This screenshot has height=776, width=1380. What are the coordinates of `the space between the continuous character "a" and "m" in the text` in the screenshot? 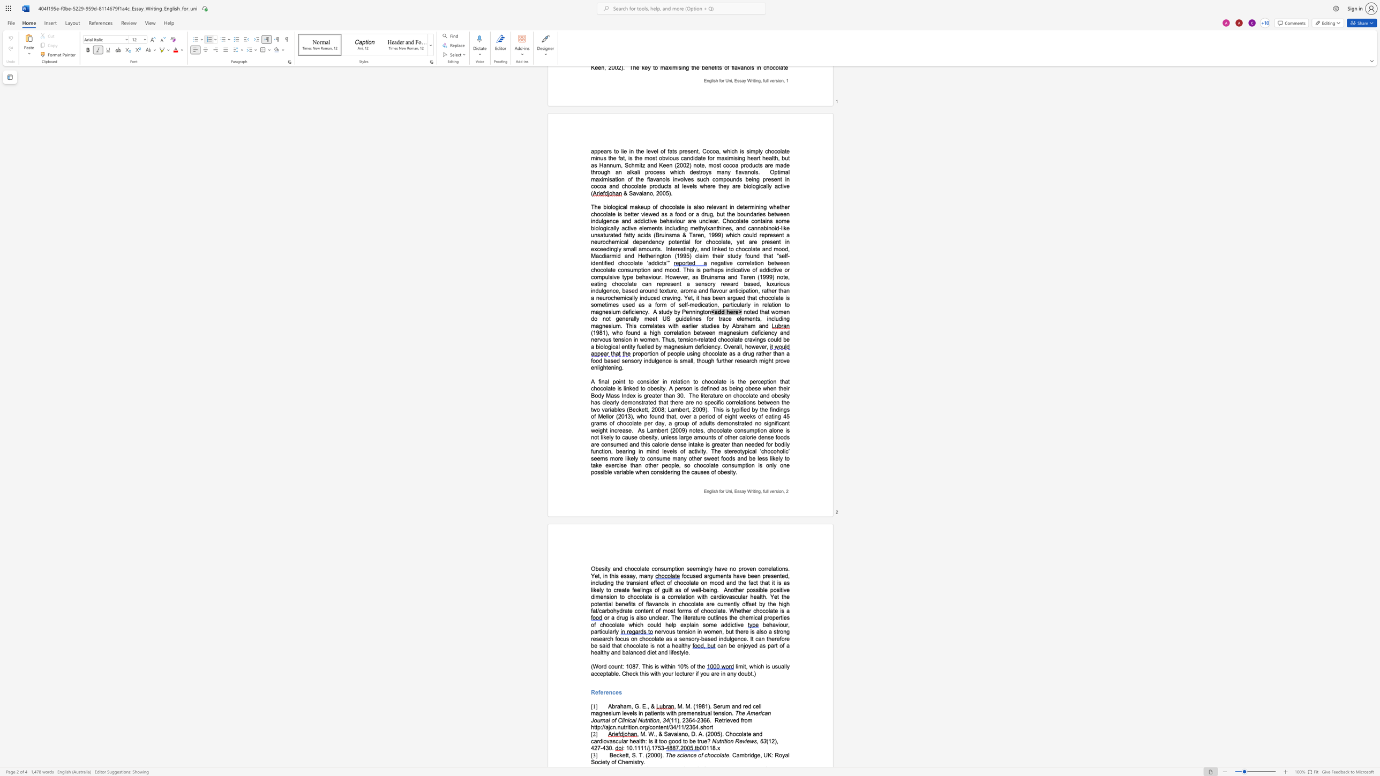 It's located at (739, 755).